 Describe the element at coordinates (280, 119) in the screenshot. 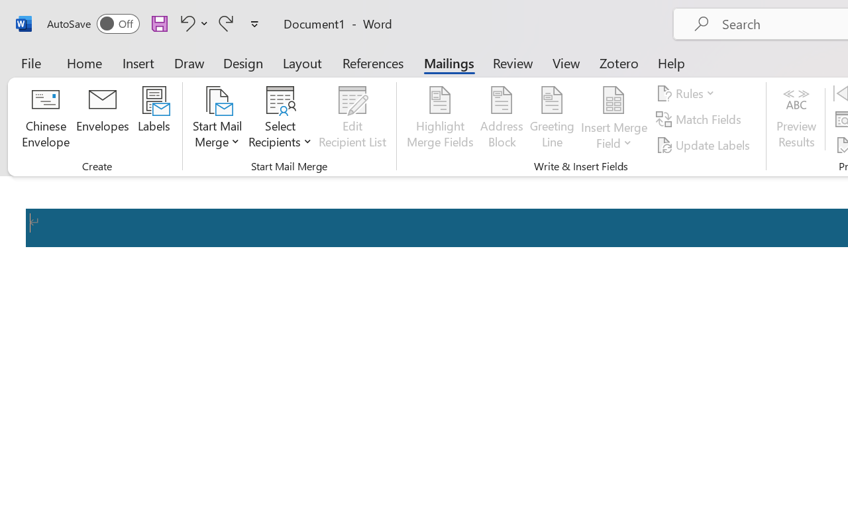

I see `'Select Recipients'` at that location.